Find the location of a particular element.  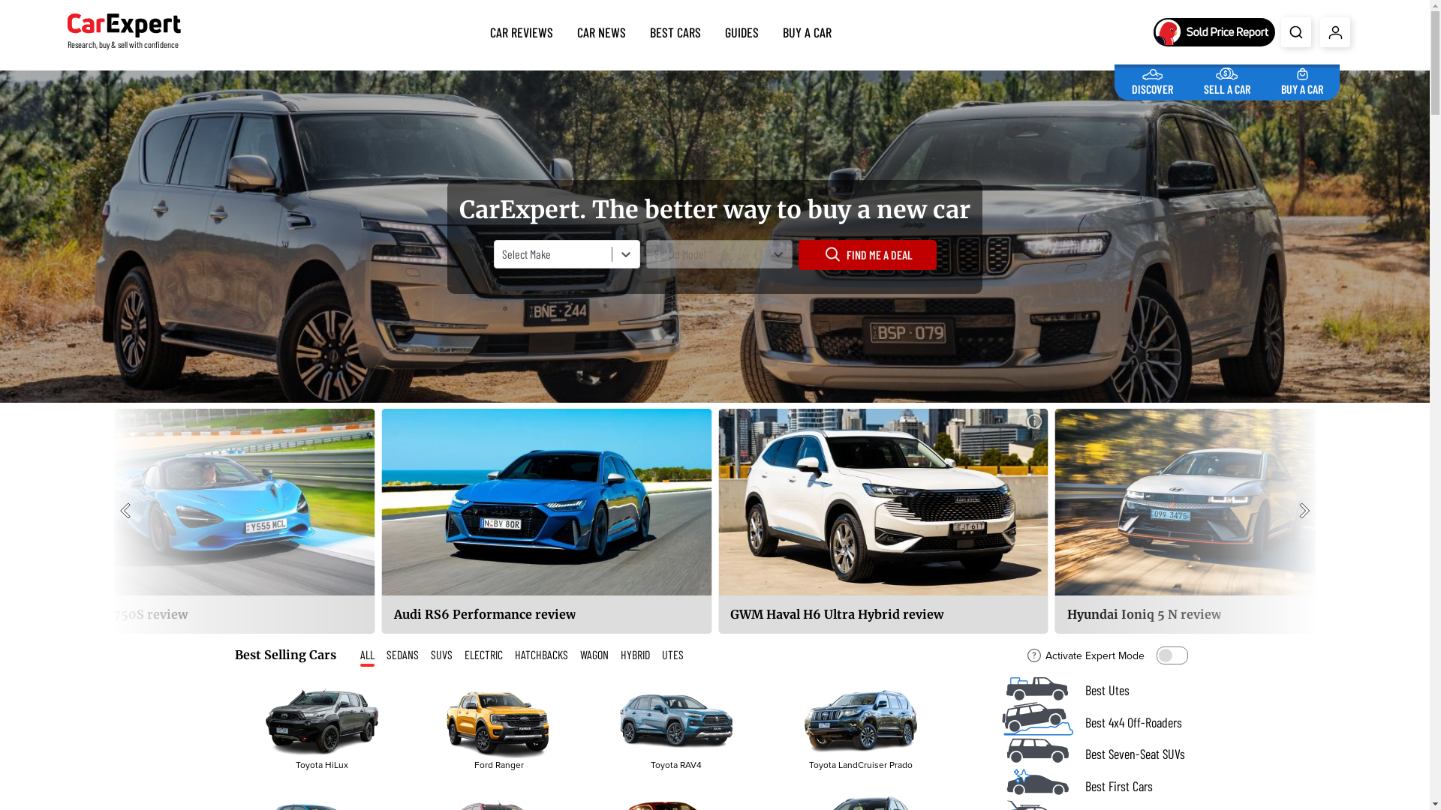

'CAR NEWS' is located at coordinates (601, 28).